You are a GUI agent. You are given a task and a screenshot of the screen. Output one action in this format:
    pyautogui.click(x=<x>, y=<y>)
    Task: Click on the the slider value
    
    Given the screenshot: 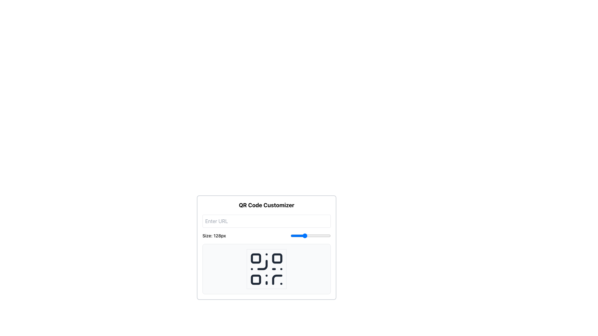 What is the action you would take?
    pyautogui.click(x=308, y=236)
    